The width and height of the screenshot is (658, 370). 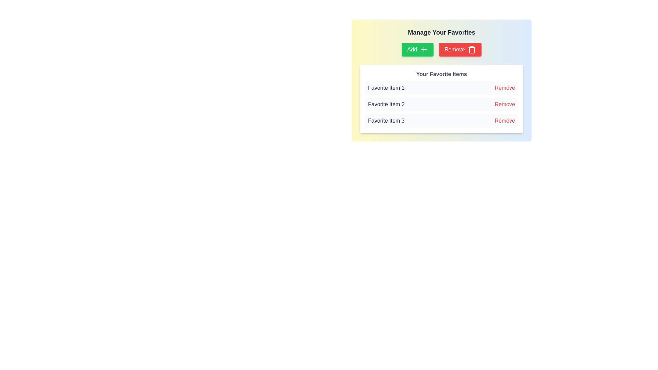 What do you see at coordinates (471, 49) in the screenshot?
I see `the trash bin icon, which is part of the 'Remove' button located at the upper right section of the interface, adjacent to the 'Add' button` at bounding box center [471, 49].